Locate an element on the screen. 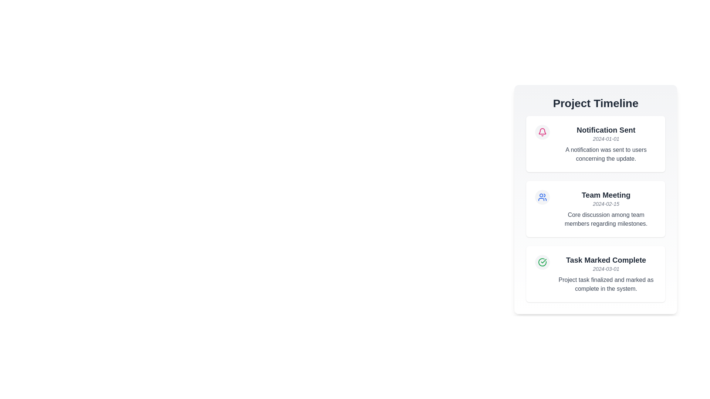  the date label displaying '2024-01-01', which is positioned beneath 'Notification Sent' and above the description text is located at coordinates (606, 139).